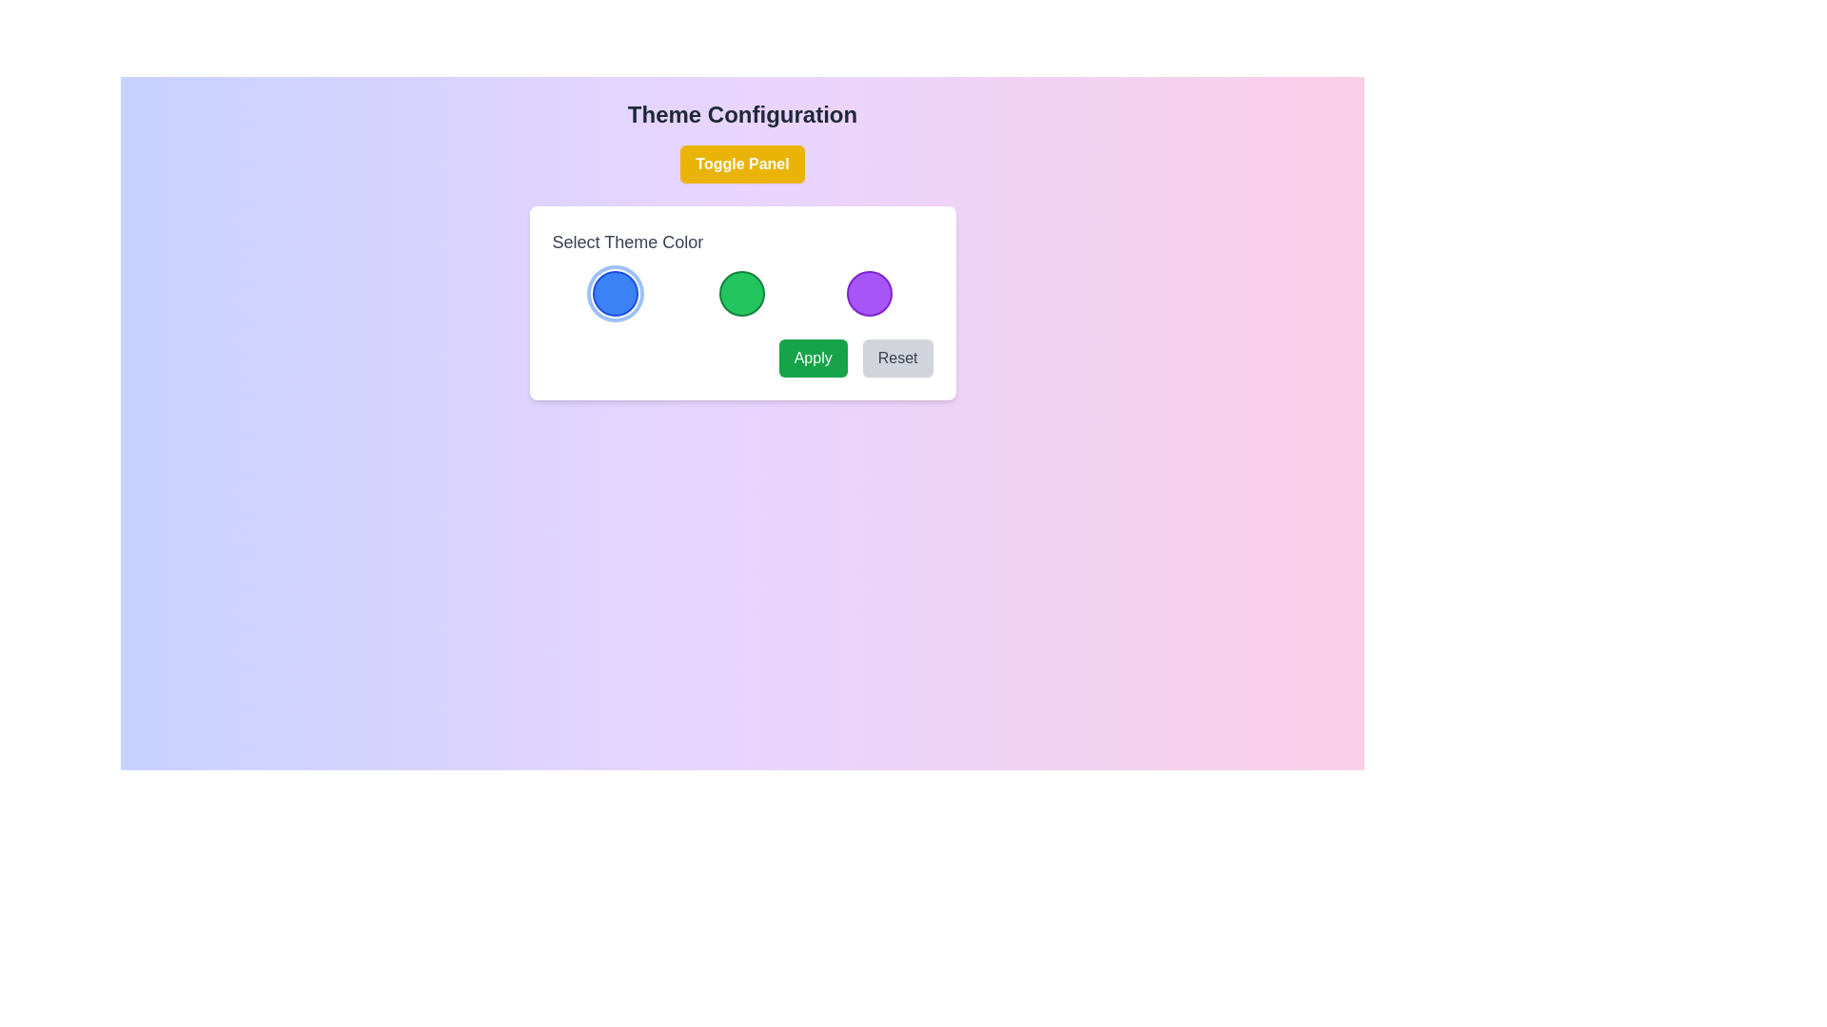 This screenshot has height=1027, width=1827. Describe the element at coordinates (616, 293) in the screenshot. I see `the circular blue button with a dark blue border` at that location.